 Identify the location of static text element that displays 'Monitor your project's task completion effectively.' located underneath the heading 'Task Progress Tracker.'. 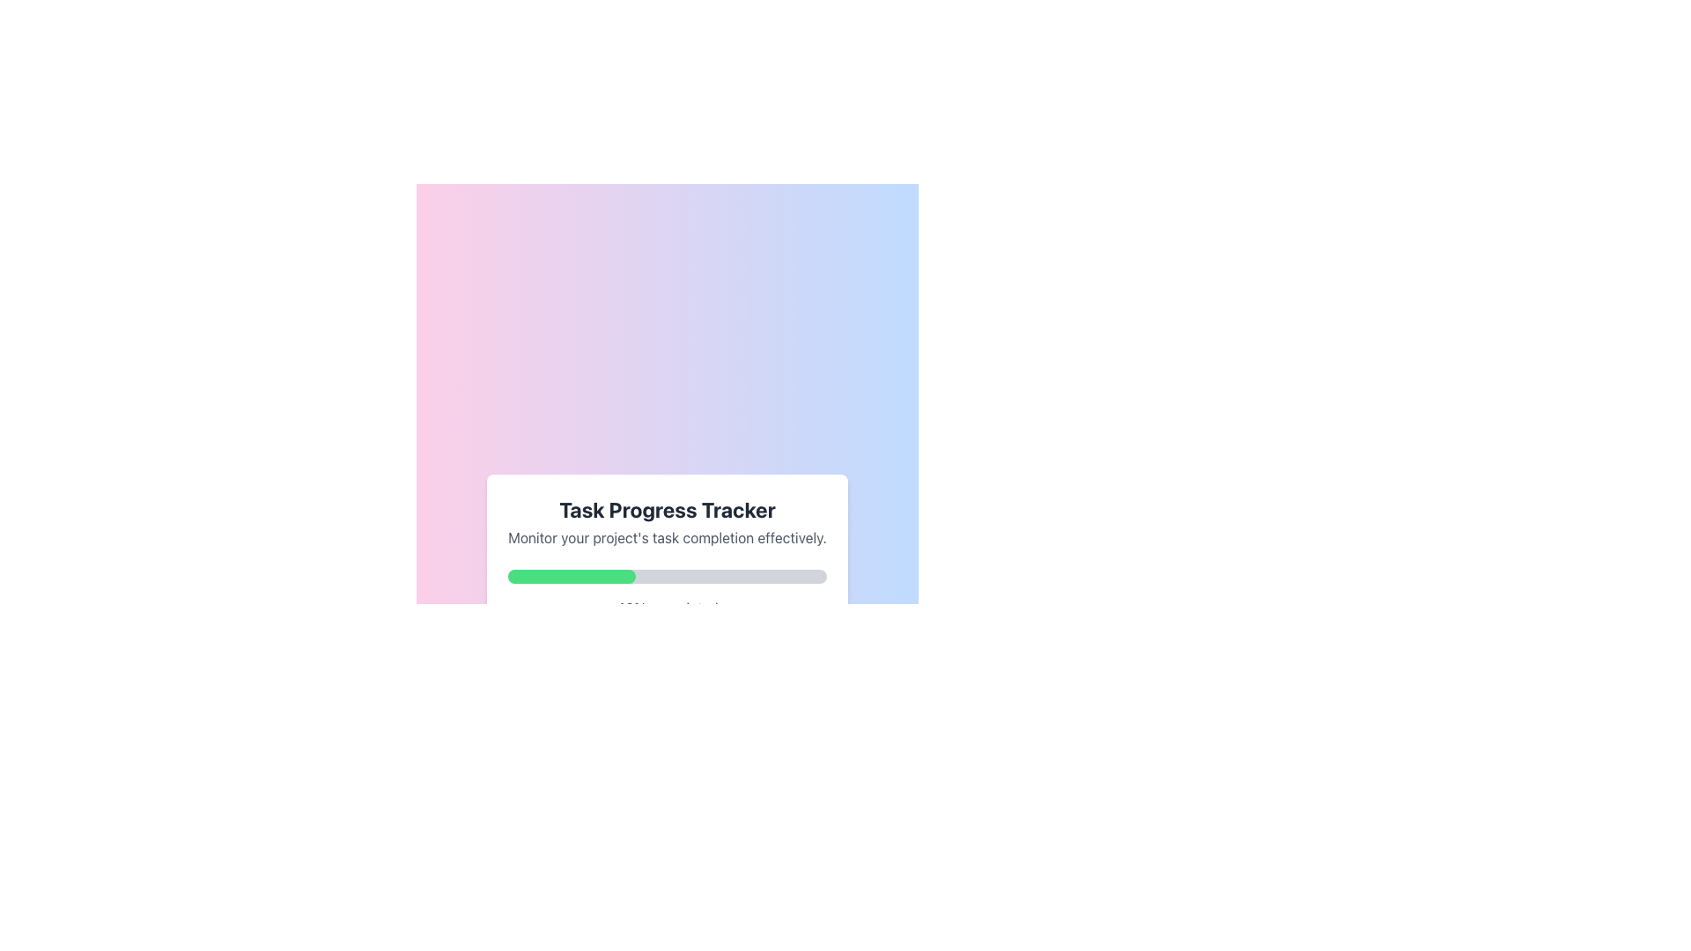
(667, 536).